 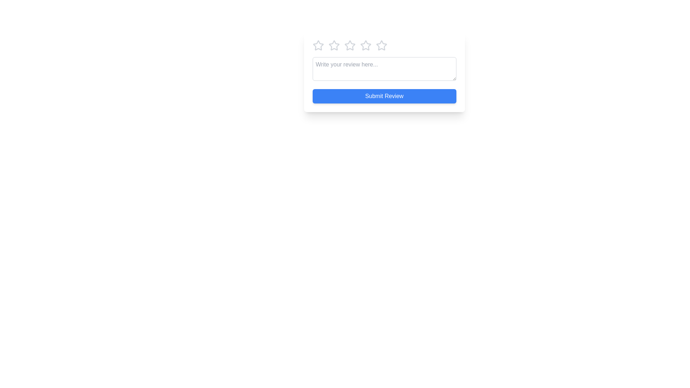 What do you see at coordinates (384, 46) in the screenshot?
I see `the fourth star in the rating system` at bounding box center [384, 46].